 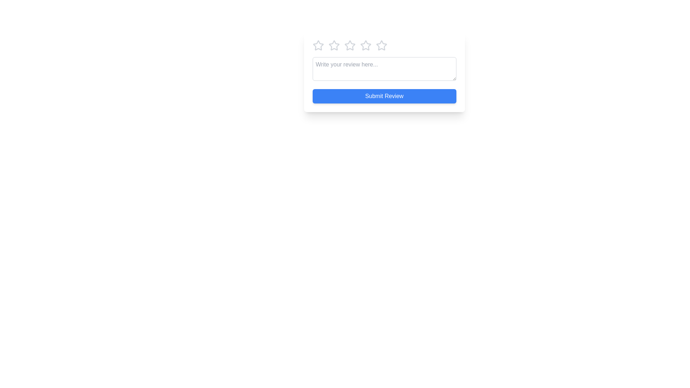 What do you see at coordinates (384, 46) in the screenshot?
I see `the fourth star in the rating system` at bounding box center [384, 46].